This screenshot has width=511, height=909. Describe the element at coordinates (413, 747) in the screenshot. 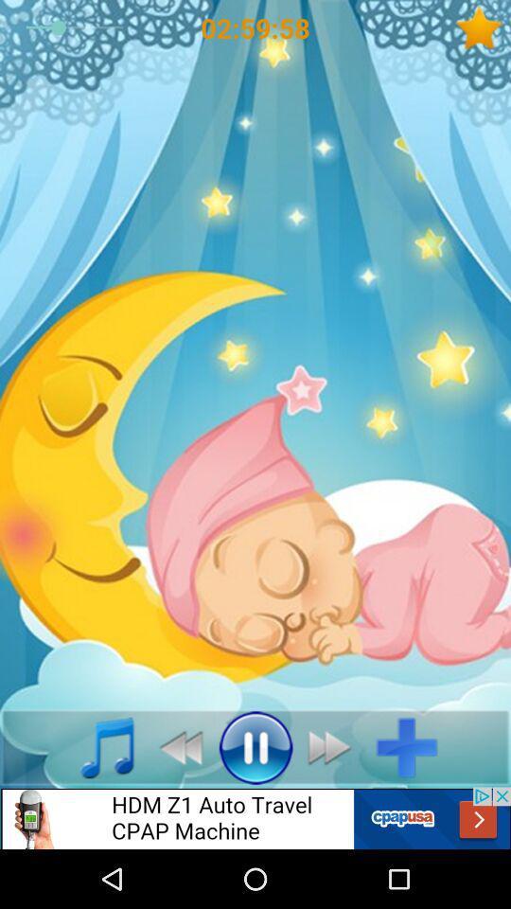

I see `track option` at that location.